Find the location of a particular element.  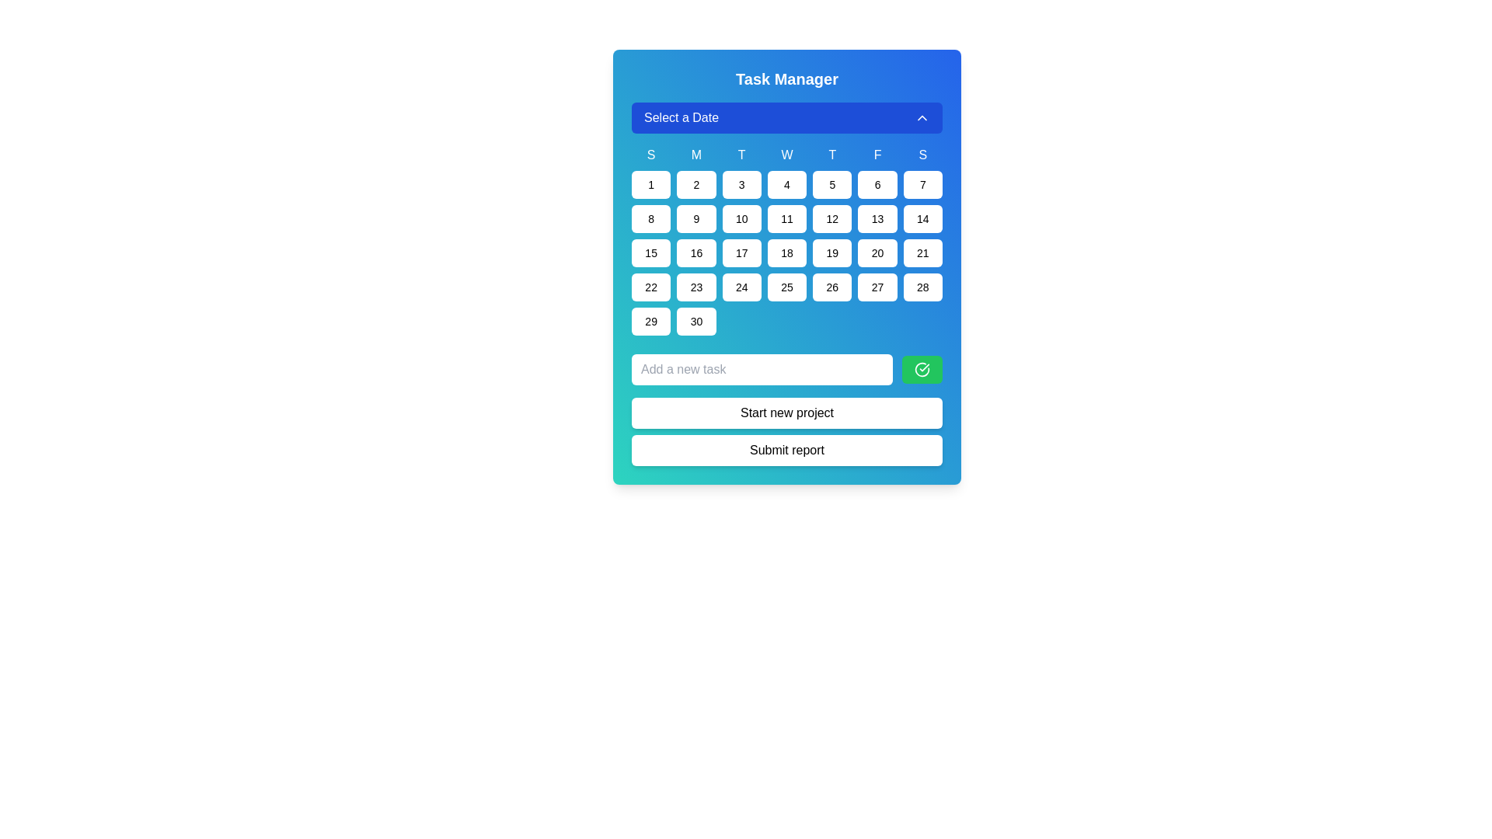

the button displaying the number '19' in black text on a white background is located at coordinates (831, 252).